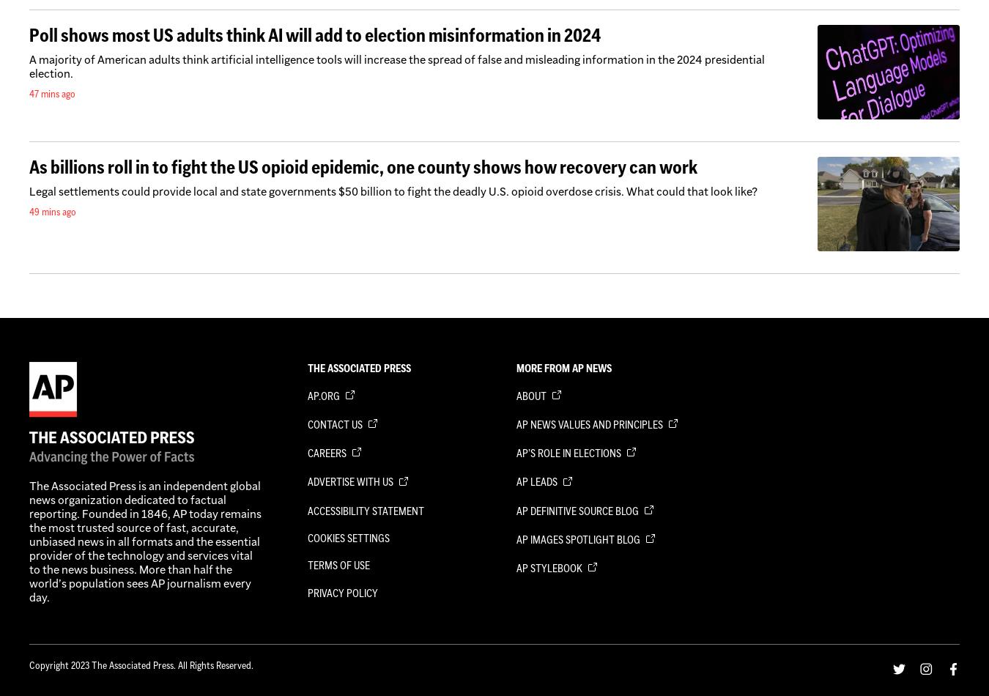 The image size is (989, 696). I want to click on '47 mins ago', so click(28, 93).